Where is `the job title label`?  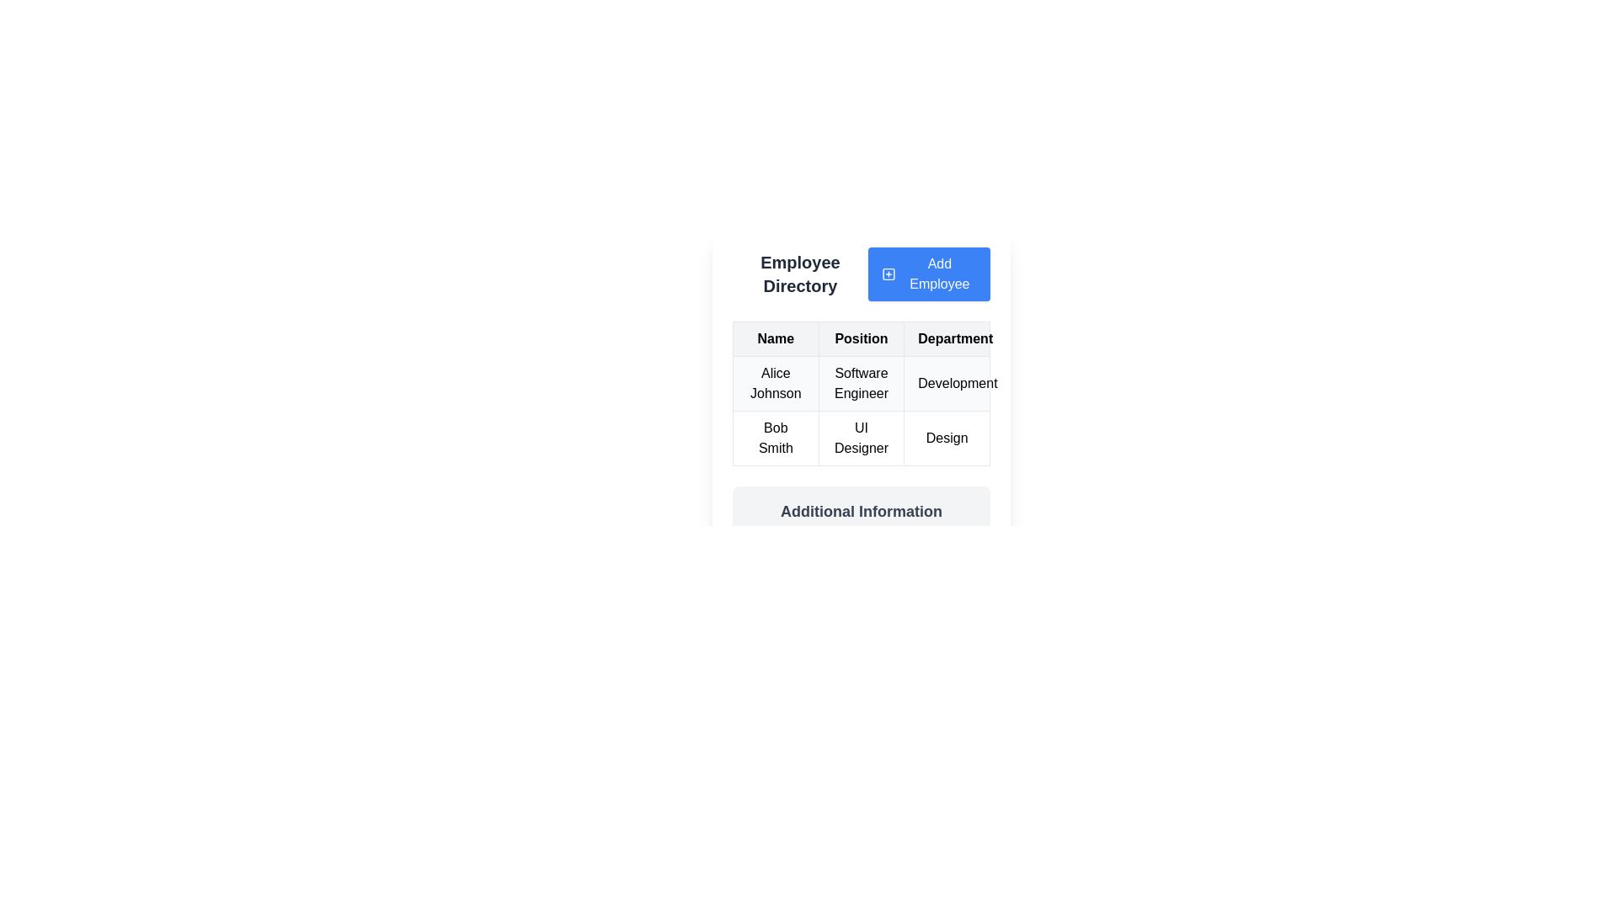 the job title label is located at coordinates (861, 437).